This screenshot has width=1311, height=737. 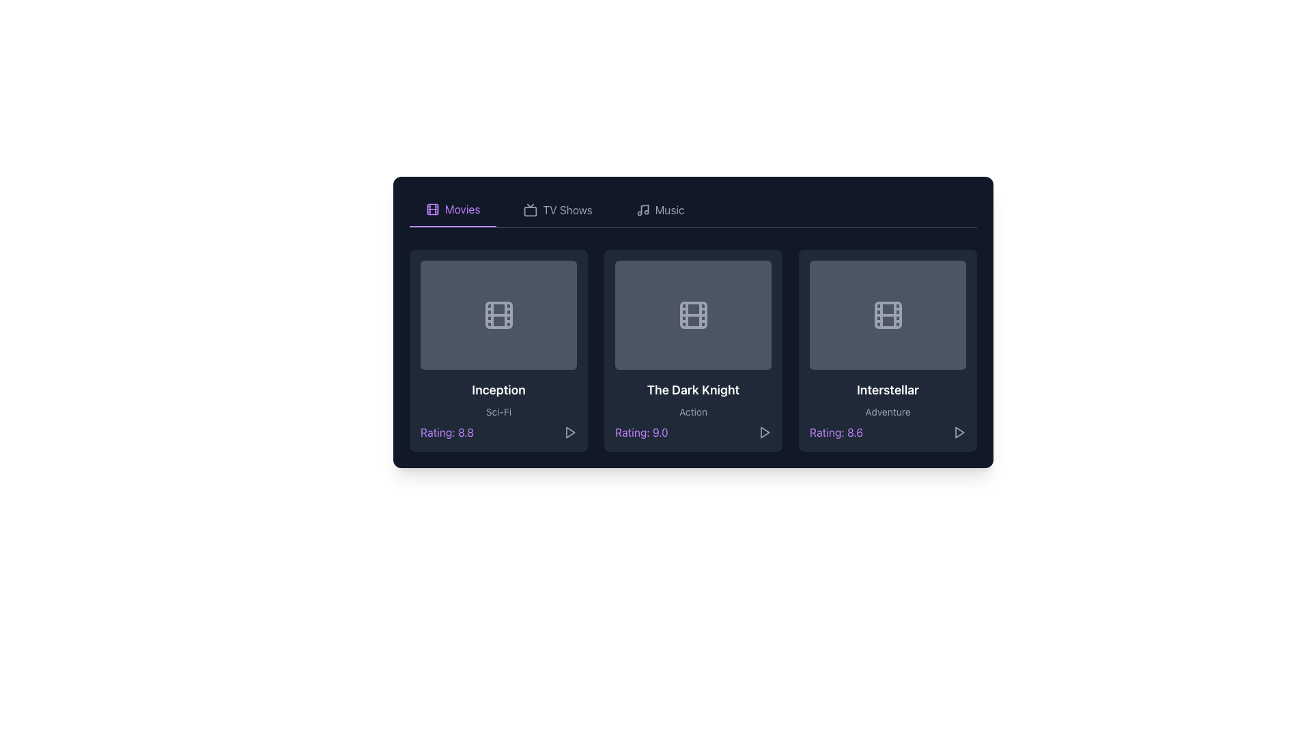 What do you see at coordinates (642, 210) in the screenshot?
I see `the music icon located in the navigation menu adjacent to the label 'Music'` at bounding box center [642, 210].